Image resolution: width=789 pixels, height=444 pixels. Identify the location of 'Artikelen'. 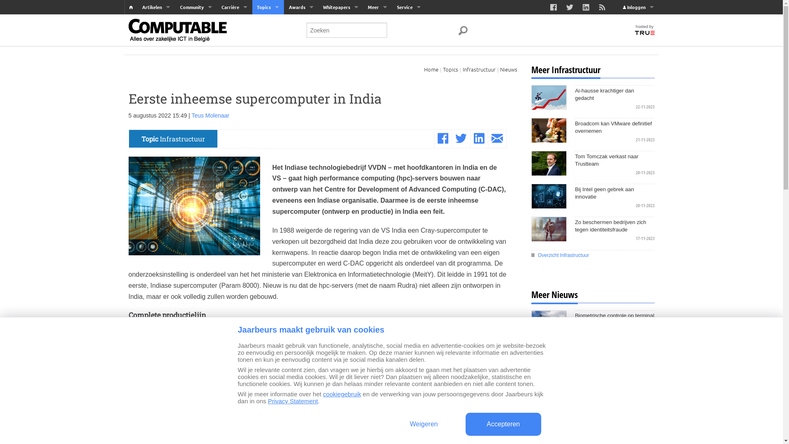
(156, 7).